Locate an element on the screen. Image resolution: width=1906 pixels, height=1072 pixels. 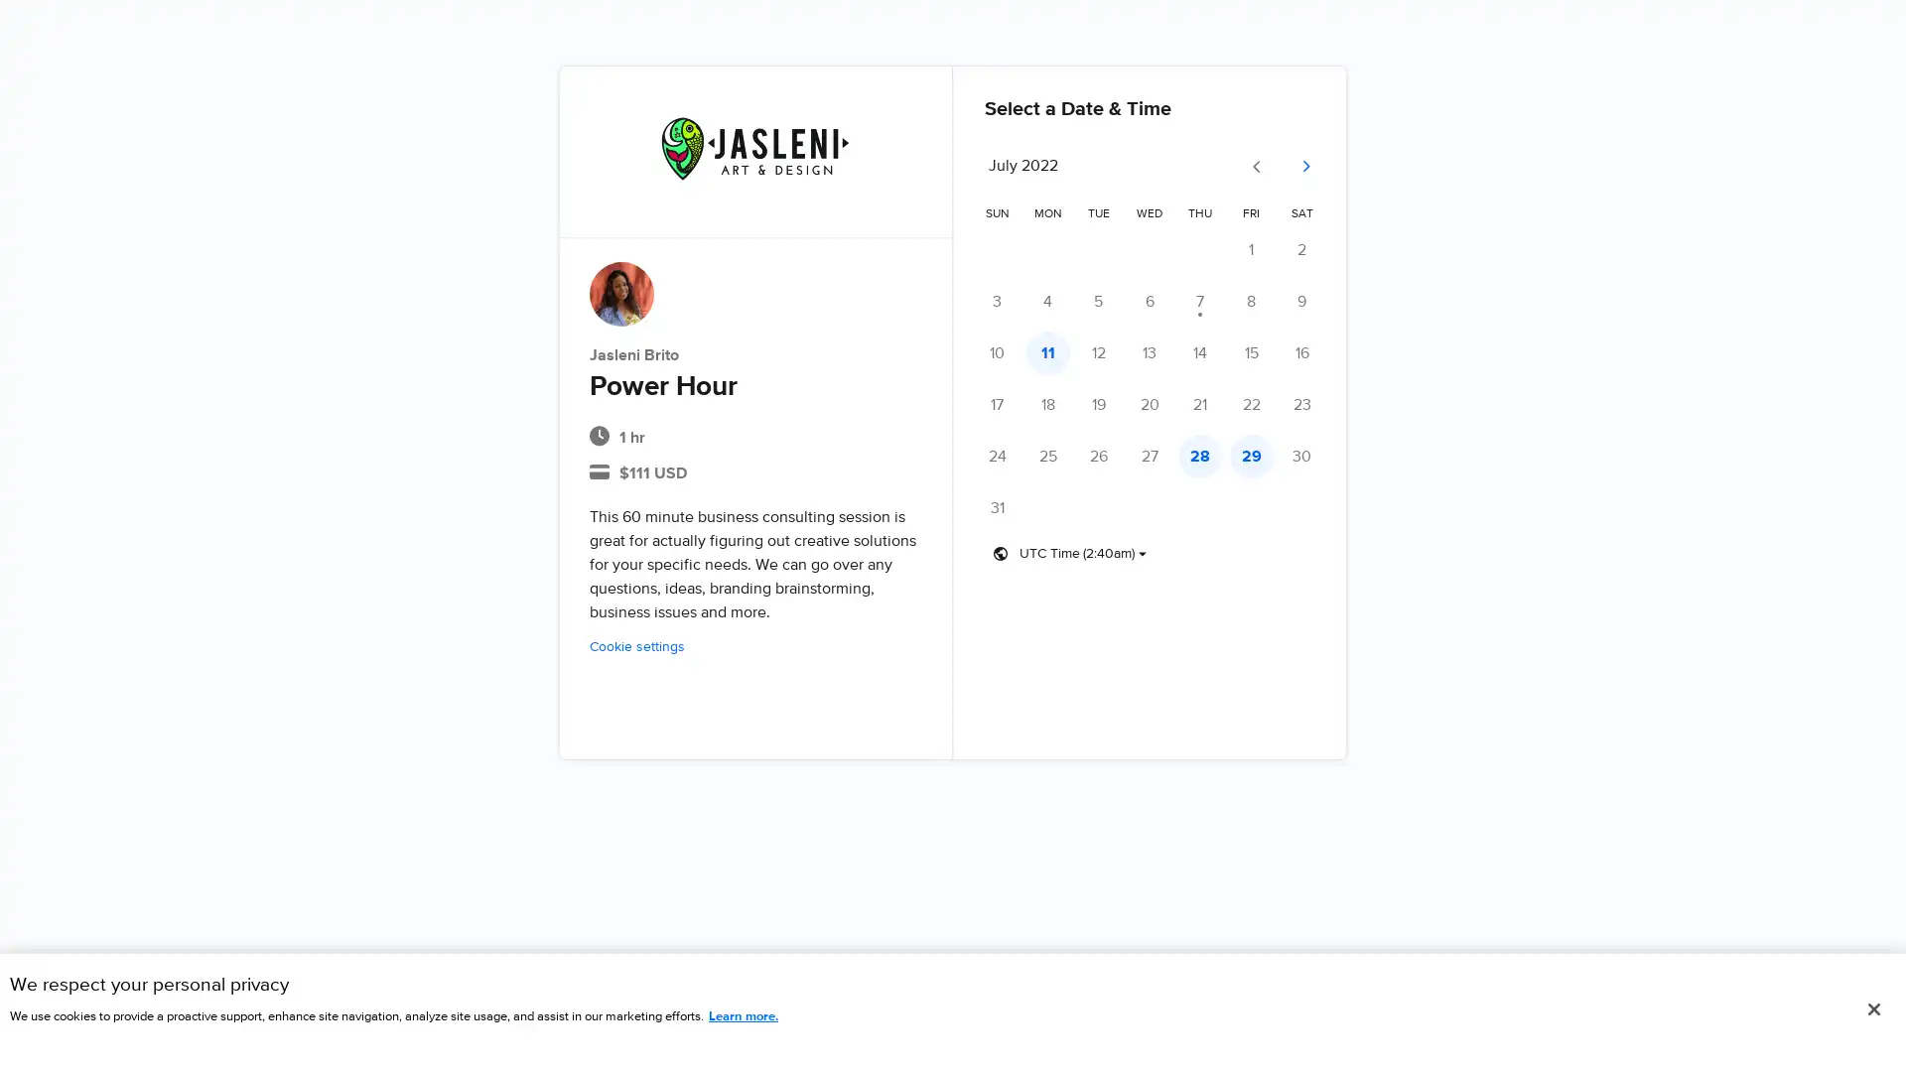
Monday, July 25 - No times available is located at coordinates (1047, 456).